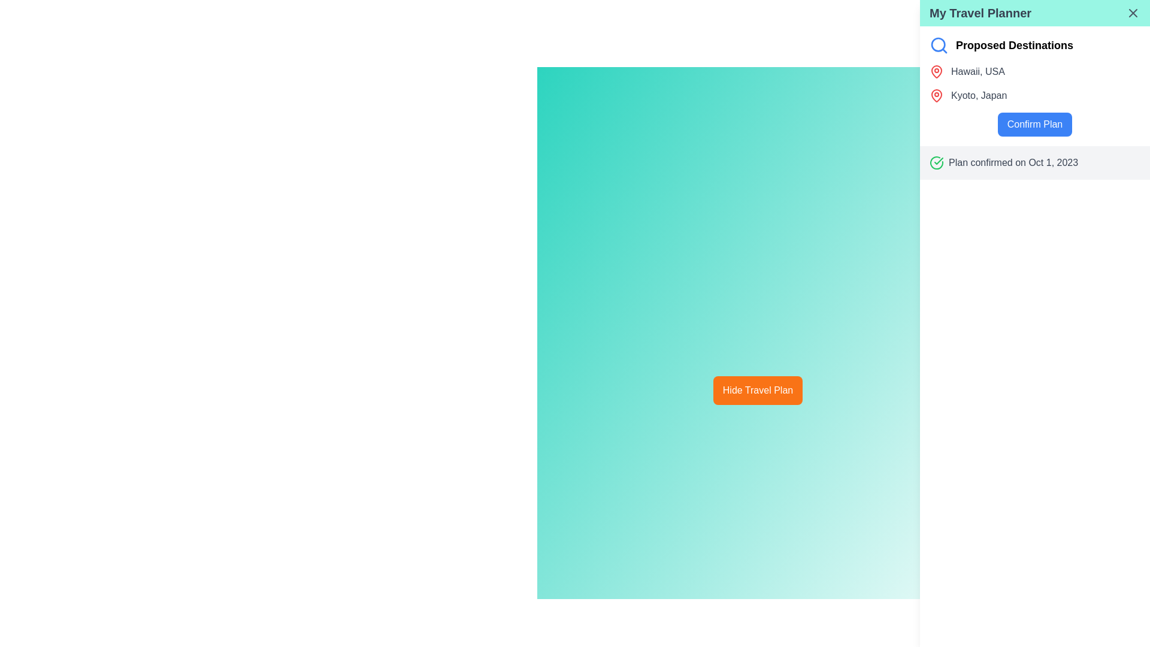  What do you see at coordinates (1034, 83) in the screenshot?
I see `the List Item Group containing the destinations 'Hawaii, USA' and 'Kyoto, Japan' located in the 'Proposed Destinations' section of the sidebar` at bounding box center [1034, 83].